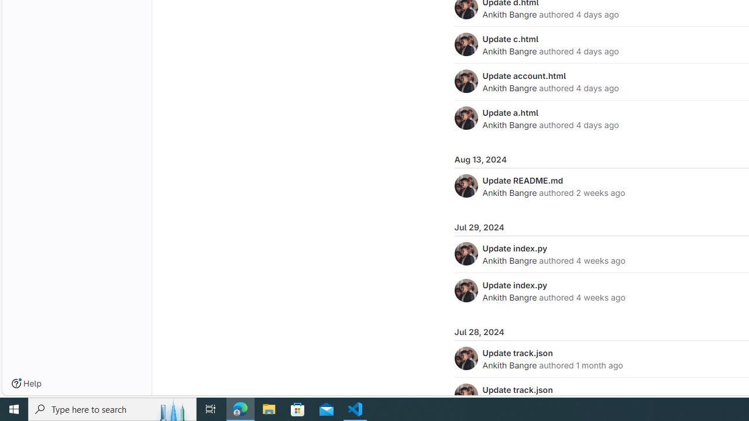 Image resolution: width=749 pixels, height=421 pixels. Describe the element at coordinates (510, 112) in the screenshot. I see `'Update a.html'` at that location.